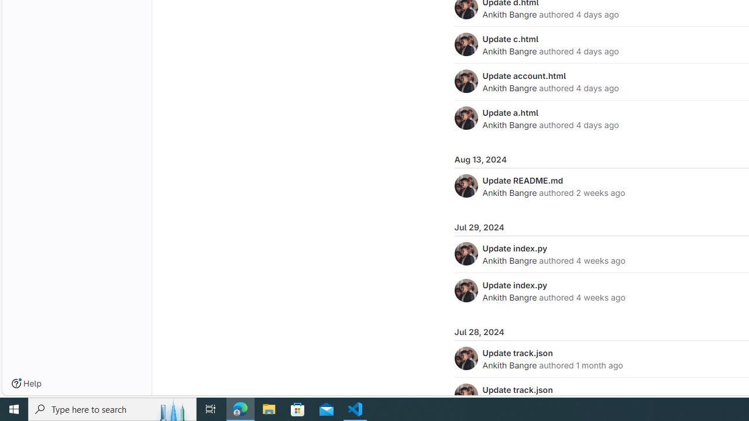 Image resolution: width=749 pixels, height=421 pixels. Describe the element at coordinates (510, 112) in the screenshot. I see `'Update a.html'` at that location.